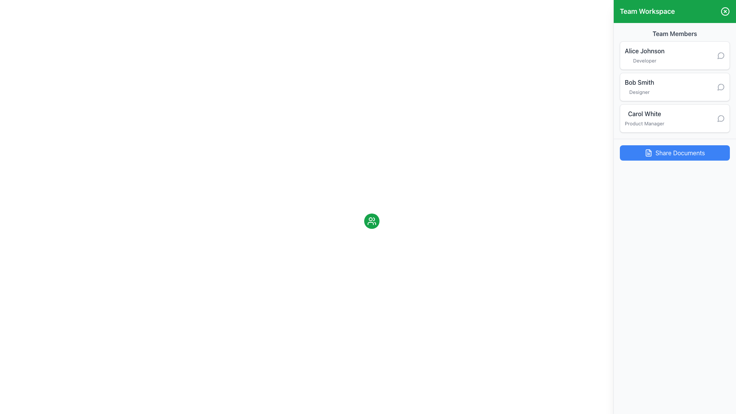  I want to click on the text label reading 'Bob Smith' in the 'Team Members' section of the sidebar interface, so click(639, 82).